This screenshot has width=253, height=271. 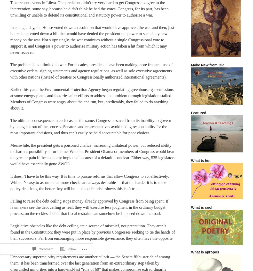 I want to click on 'Legislative obstacles like the debt ceiling are a source of mischief, not precaution. They aren’t found in the Constitution; they were put in place by previous Congresses seeking to tie the hands of their successors. Far from encouraging more responsible governance, they often have the opposite effect.', so click(x=10, y=235).